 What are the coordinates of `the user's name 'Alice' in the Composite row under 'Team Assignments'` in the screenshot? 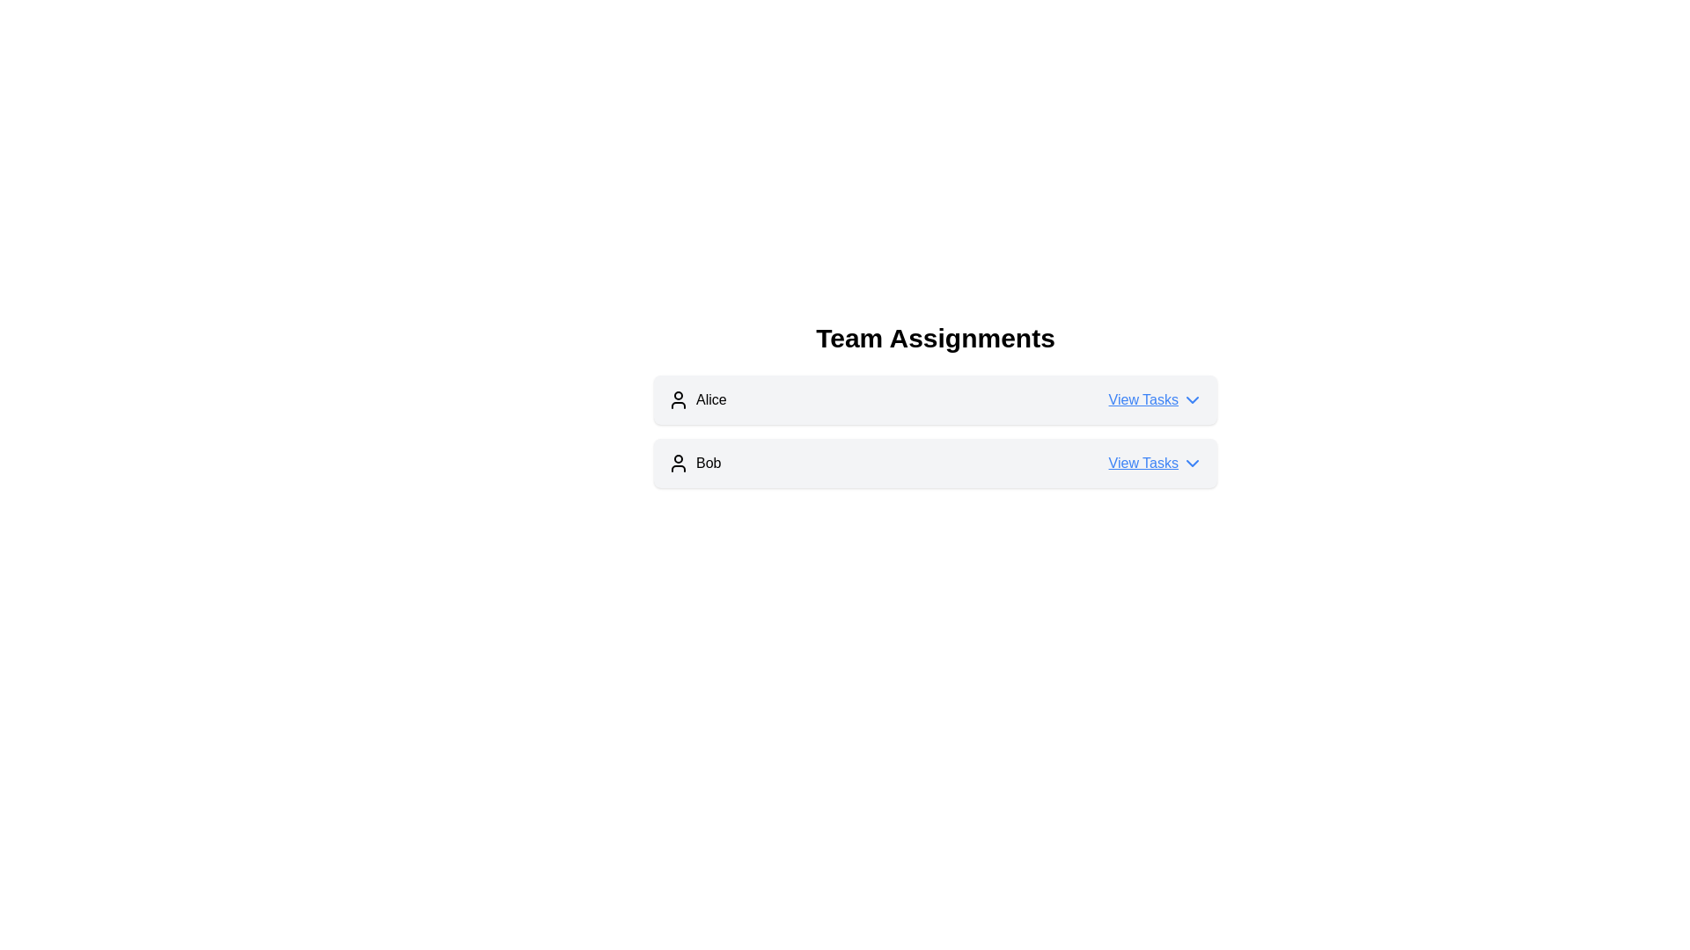 It's located at (934, 400).